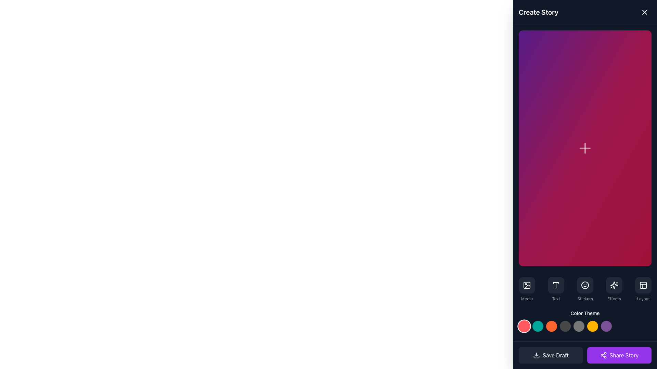 This screenshot has width=657, height=369. Describe the element at coordinates (584, 285) in the screenshot. I see `the circular icon with a smiling face outlined by a white border` at that location.